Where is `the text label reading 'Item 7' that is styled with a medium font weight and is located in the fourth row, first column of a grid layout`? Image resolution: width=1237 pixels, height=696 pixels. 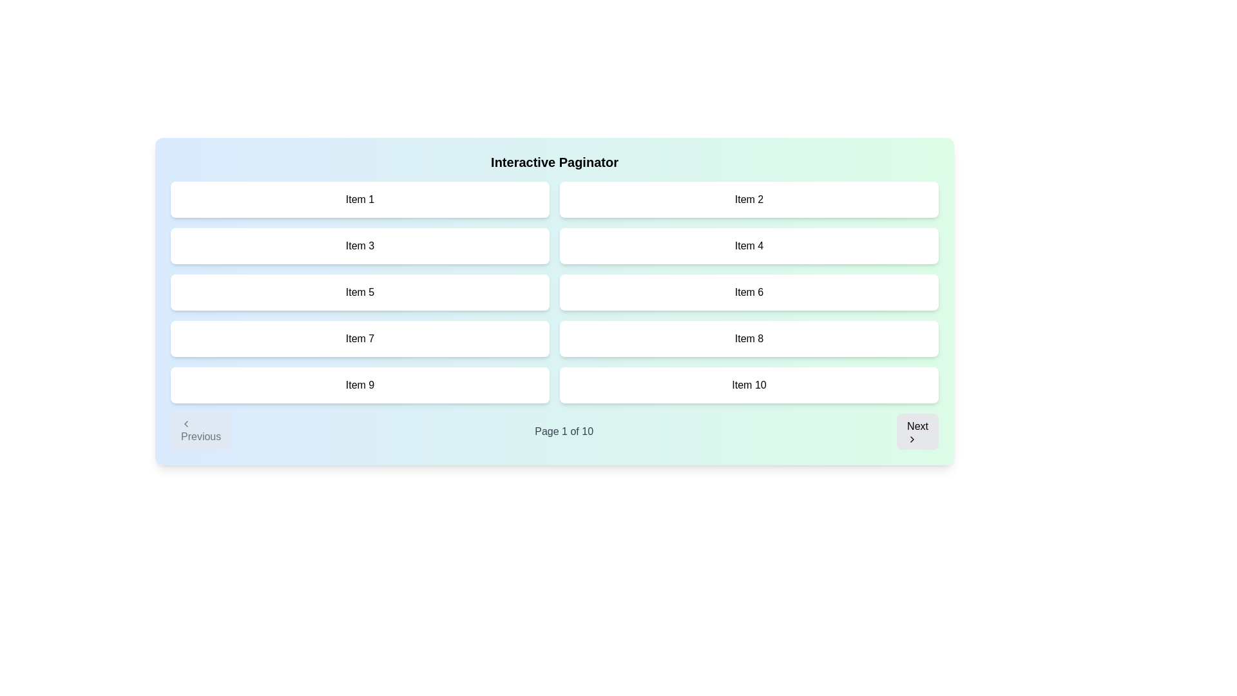 the text label reading 'Item 7' that is styled with a medium font weight and is located in the fourth row, first column of a grid layout is located at coordinates (360, 338).